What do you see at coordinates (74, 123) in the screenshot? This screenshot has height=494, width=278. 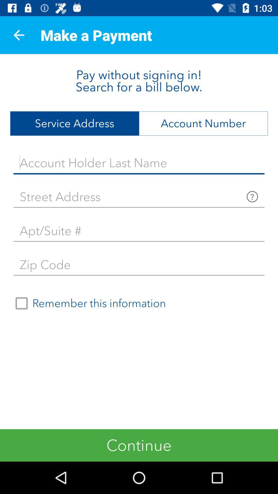 I see `item below the pay without signing icon` at bounding box center [74, 123].